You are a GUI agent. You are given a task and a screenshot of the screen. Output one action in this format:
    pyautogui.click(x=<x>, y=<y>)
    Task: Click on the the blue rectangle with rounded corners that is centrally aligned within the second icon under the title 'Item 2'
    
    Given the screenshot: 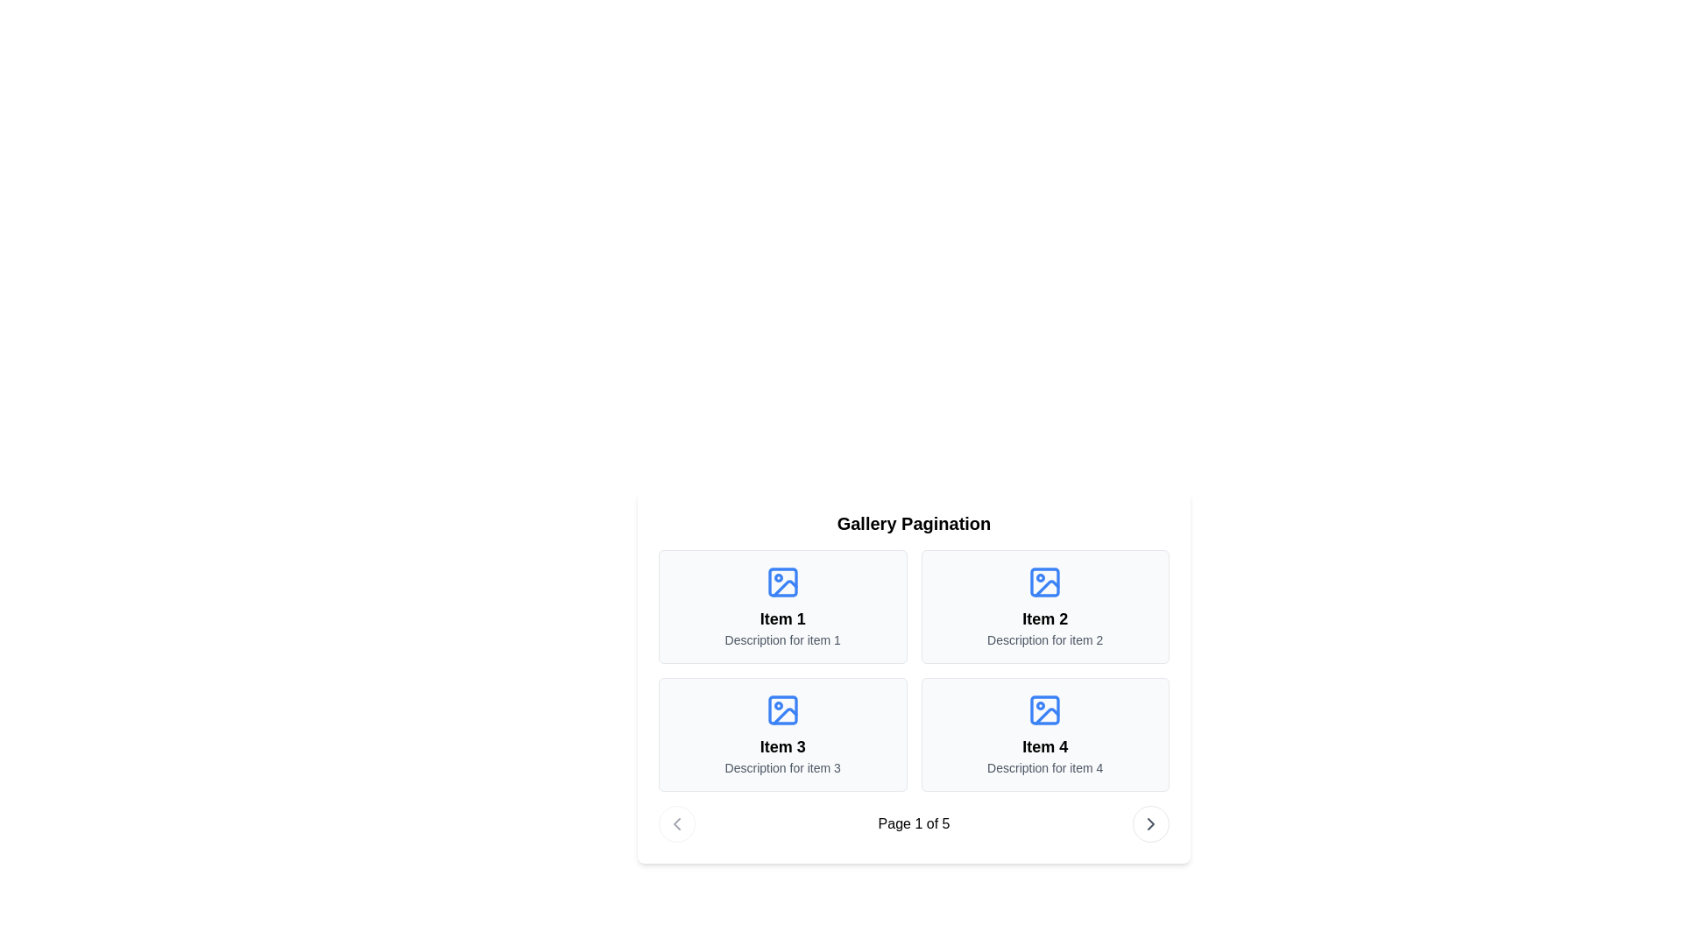 What is the action you would take?
    pyautogui.click(x=1045, y=582)
    